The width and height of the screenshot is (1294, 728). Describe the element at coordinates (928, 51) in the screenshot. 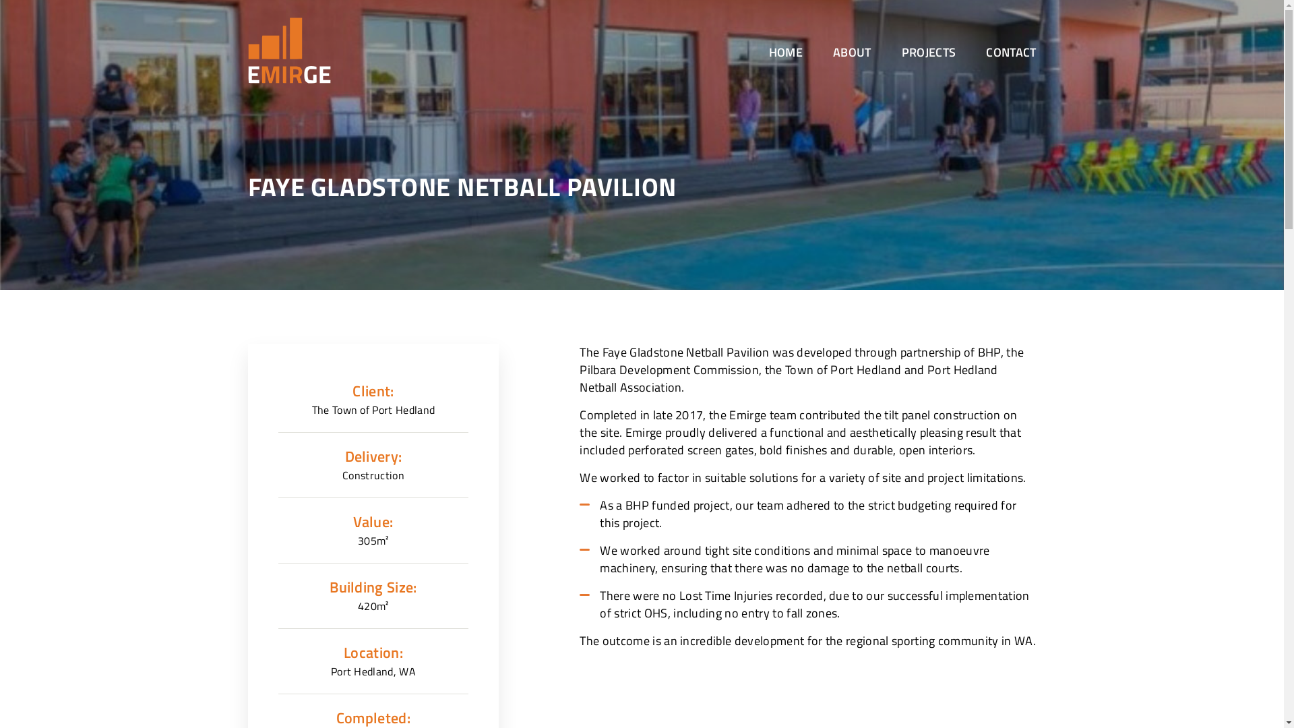

I see `'PROJECTS'` at that location.